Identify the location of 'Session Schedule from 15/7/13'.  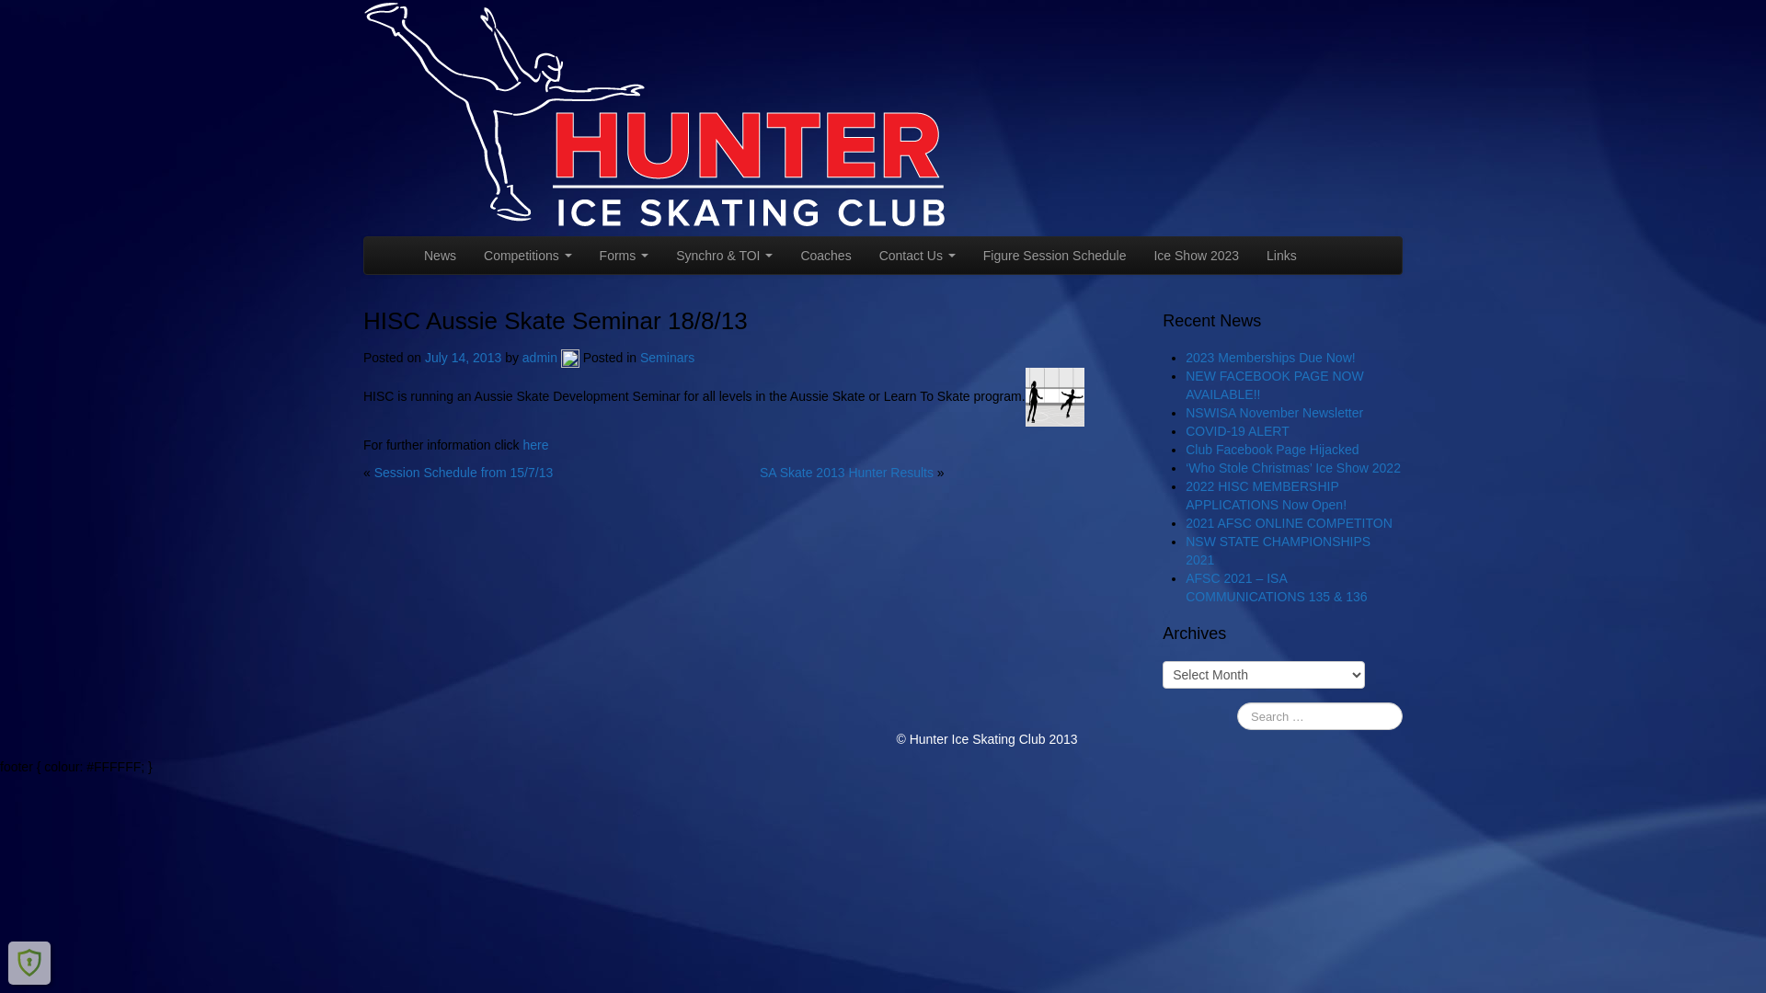
(464, 471).